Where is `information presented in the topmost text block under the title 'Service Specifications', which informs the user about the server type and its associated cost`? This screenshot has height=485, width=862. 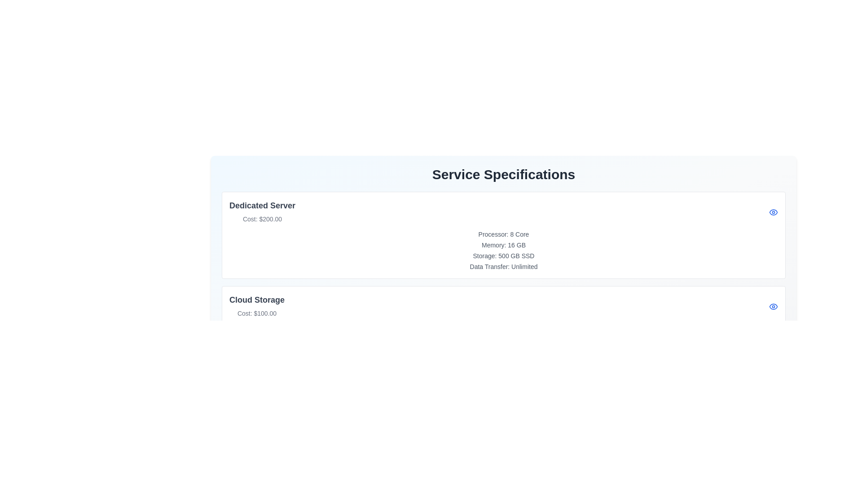
information presented in the topmost text block under the title 'Service Specifications', which informs the user about the server type and its associated cost is located at coordinates (262, 212).